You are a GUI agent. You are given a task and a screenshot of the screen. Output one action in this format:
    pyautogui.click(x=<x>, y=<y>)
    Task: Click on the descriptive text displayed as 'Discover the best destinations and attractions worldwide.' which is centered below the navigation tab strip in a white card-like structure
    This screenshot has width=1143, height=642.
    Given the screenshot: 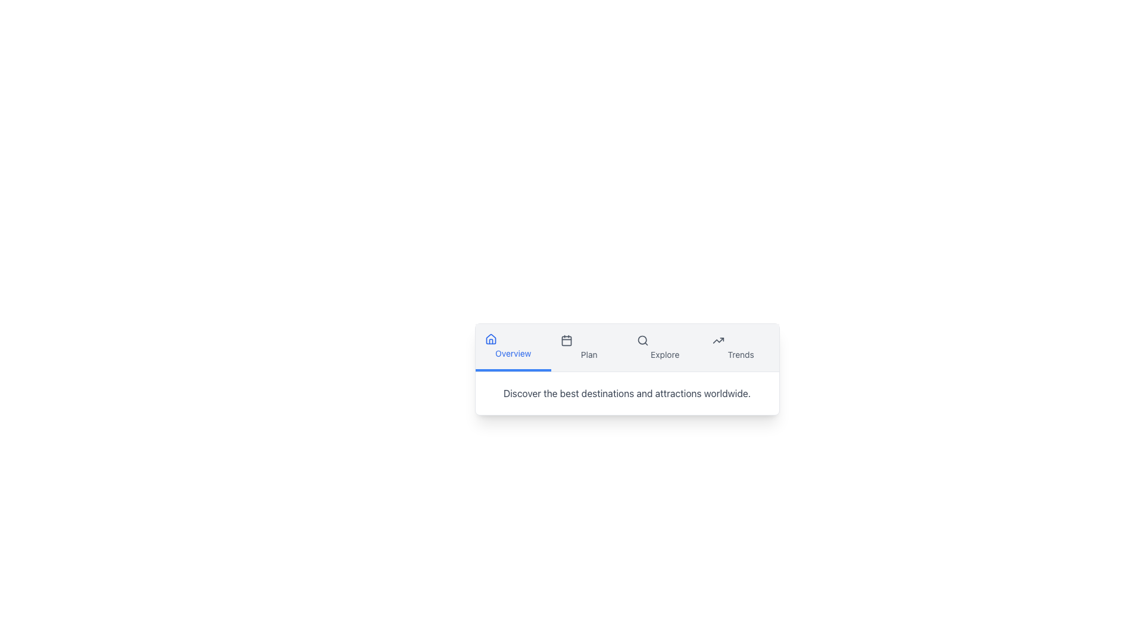 What is the action you would take?
    pyautogui.click(x=626, y=394)
    